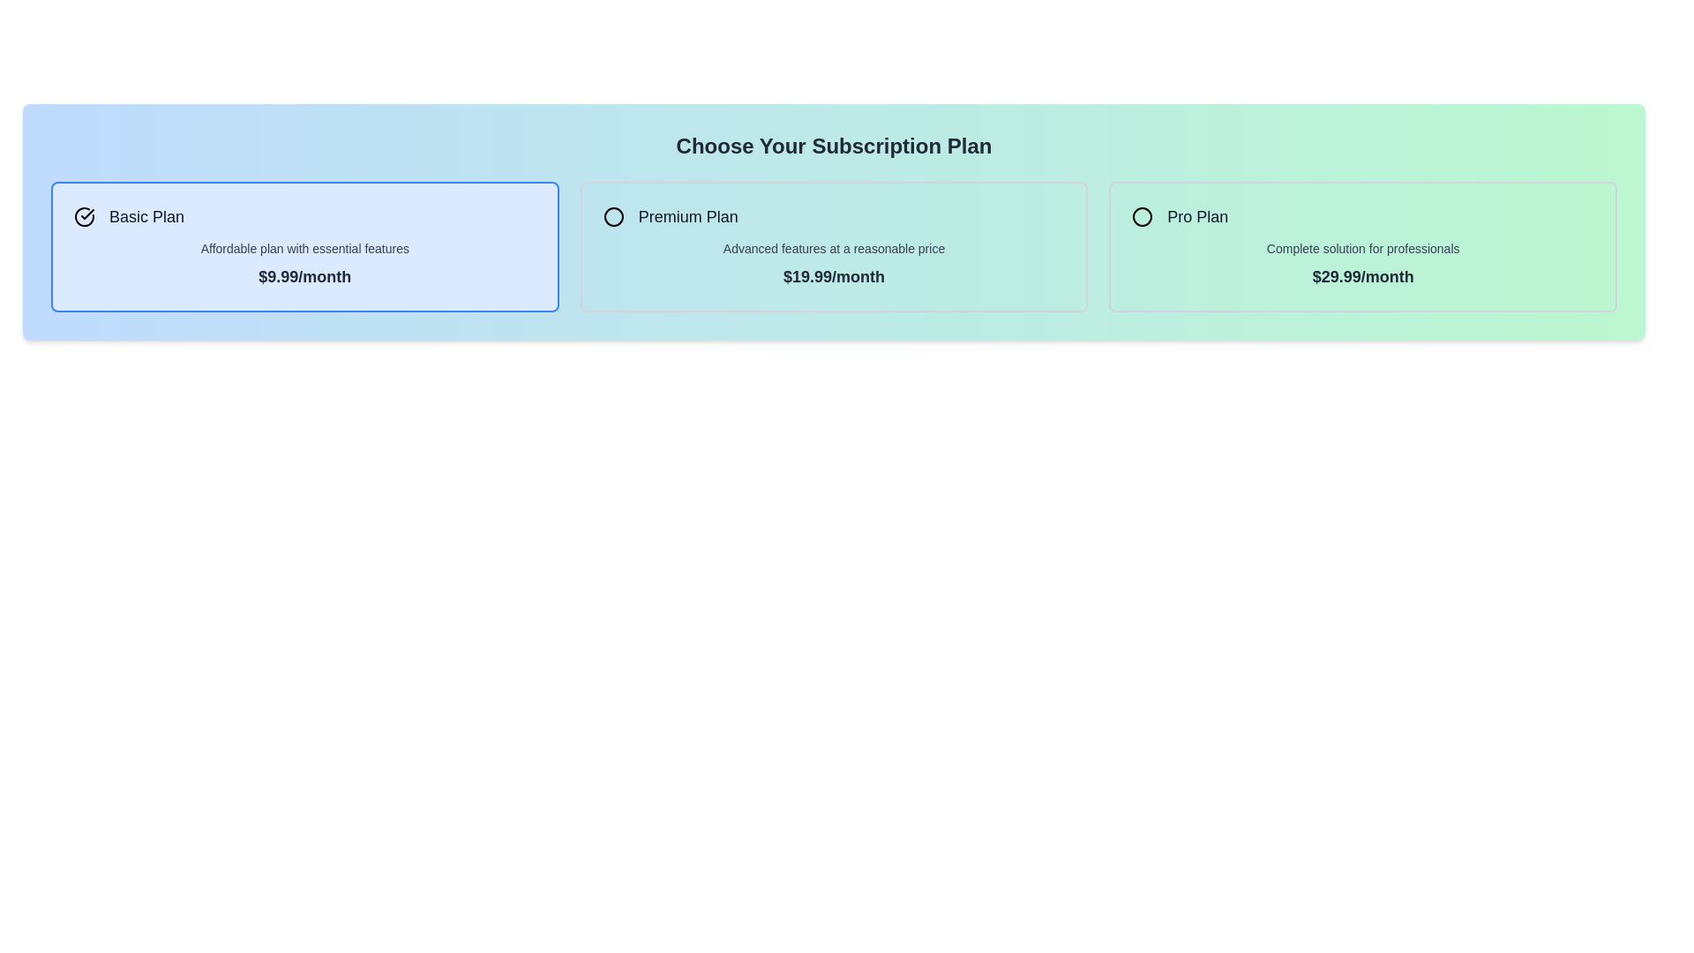 The height and width of the screenshot is (953, 1694). What do you see at coordinates (833, 276) in the screenshot?
I see `the text label displaying '$19.99/month' in the Premium Plan section, which is located below the description 'Advanced features at a reasonable price'` at bounding box center [833, 276].